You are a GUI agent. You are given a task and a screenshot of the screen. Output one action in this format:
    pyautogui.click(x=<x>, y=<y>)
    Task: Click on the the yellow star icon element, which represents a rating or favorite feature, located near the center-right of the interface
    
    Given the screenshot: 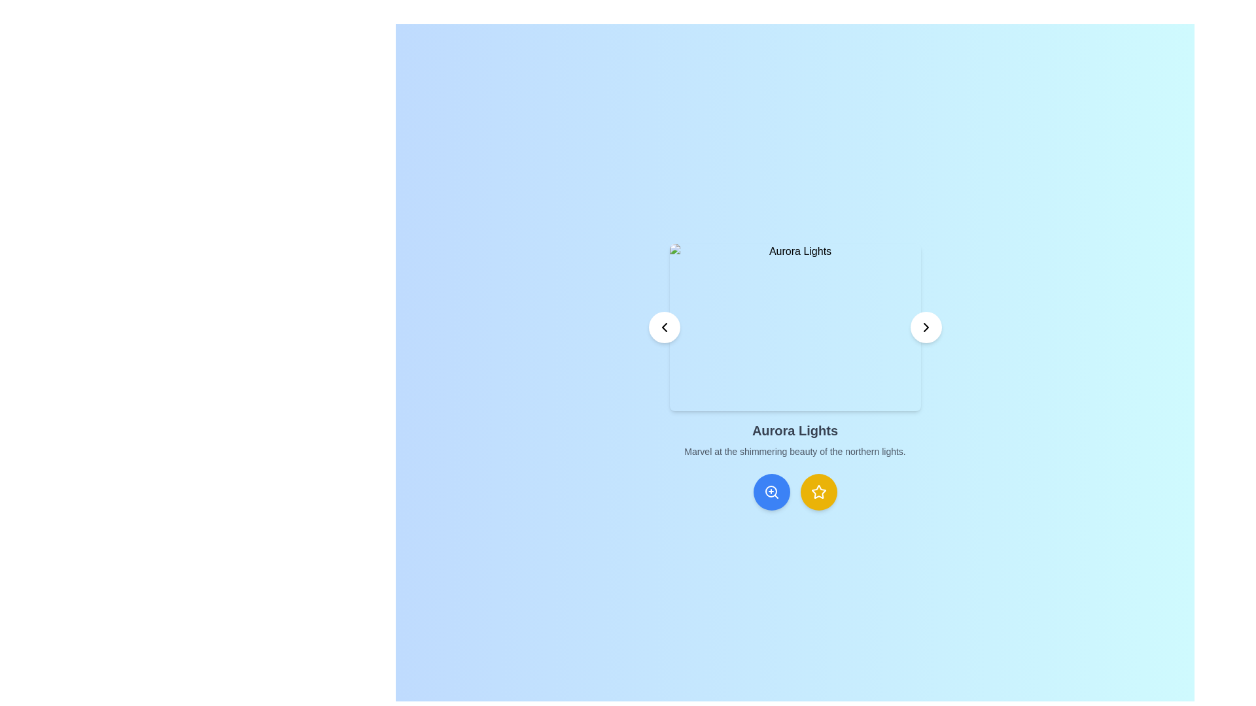 What is the action you would take?
    pyautogui.click(x=818, y=492)
    